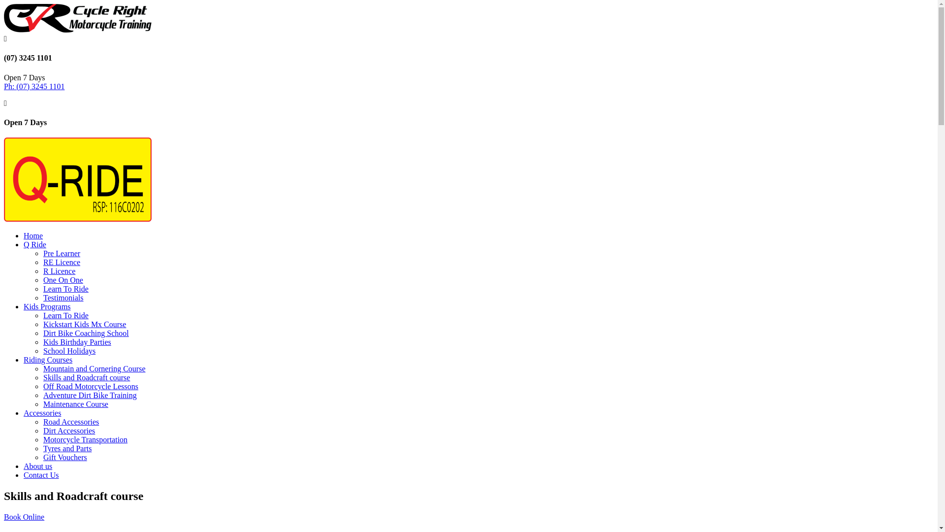  What do you see at coordinates (40, 474) in the screenshot?
I see `'Contact Us'` at bounding box center [40, 474].